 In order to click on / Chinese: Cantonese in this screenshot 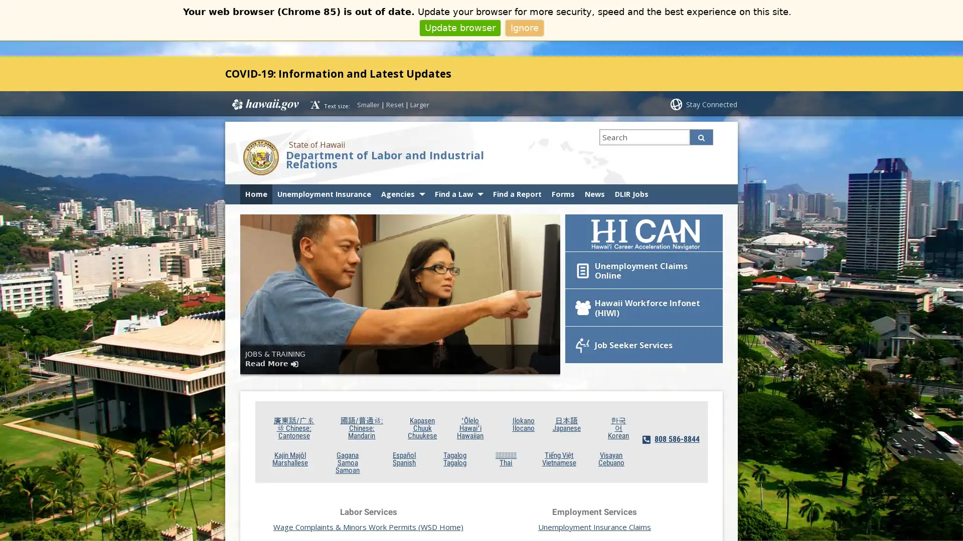, I will do `click(293, 432)`.